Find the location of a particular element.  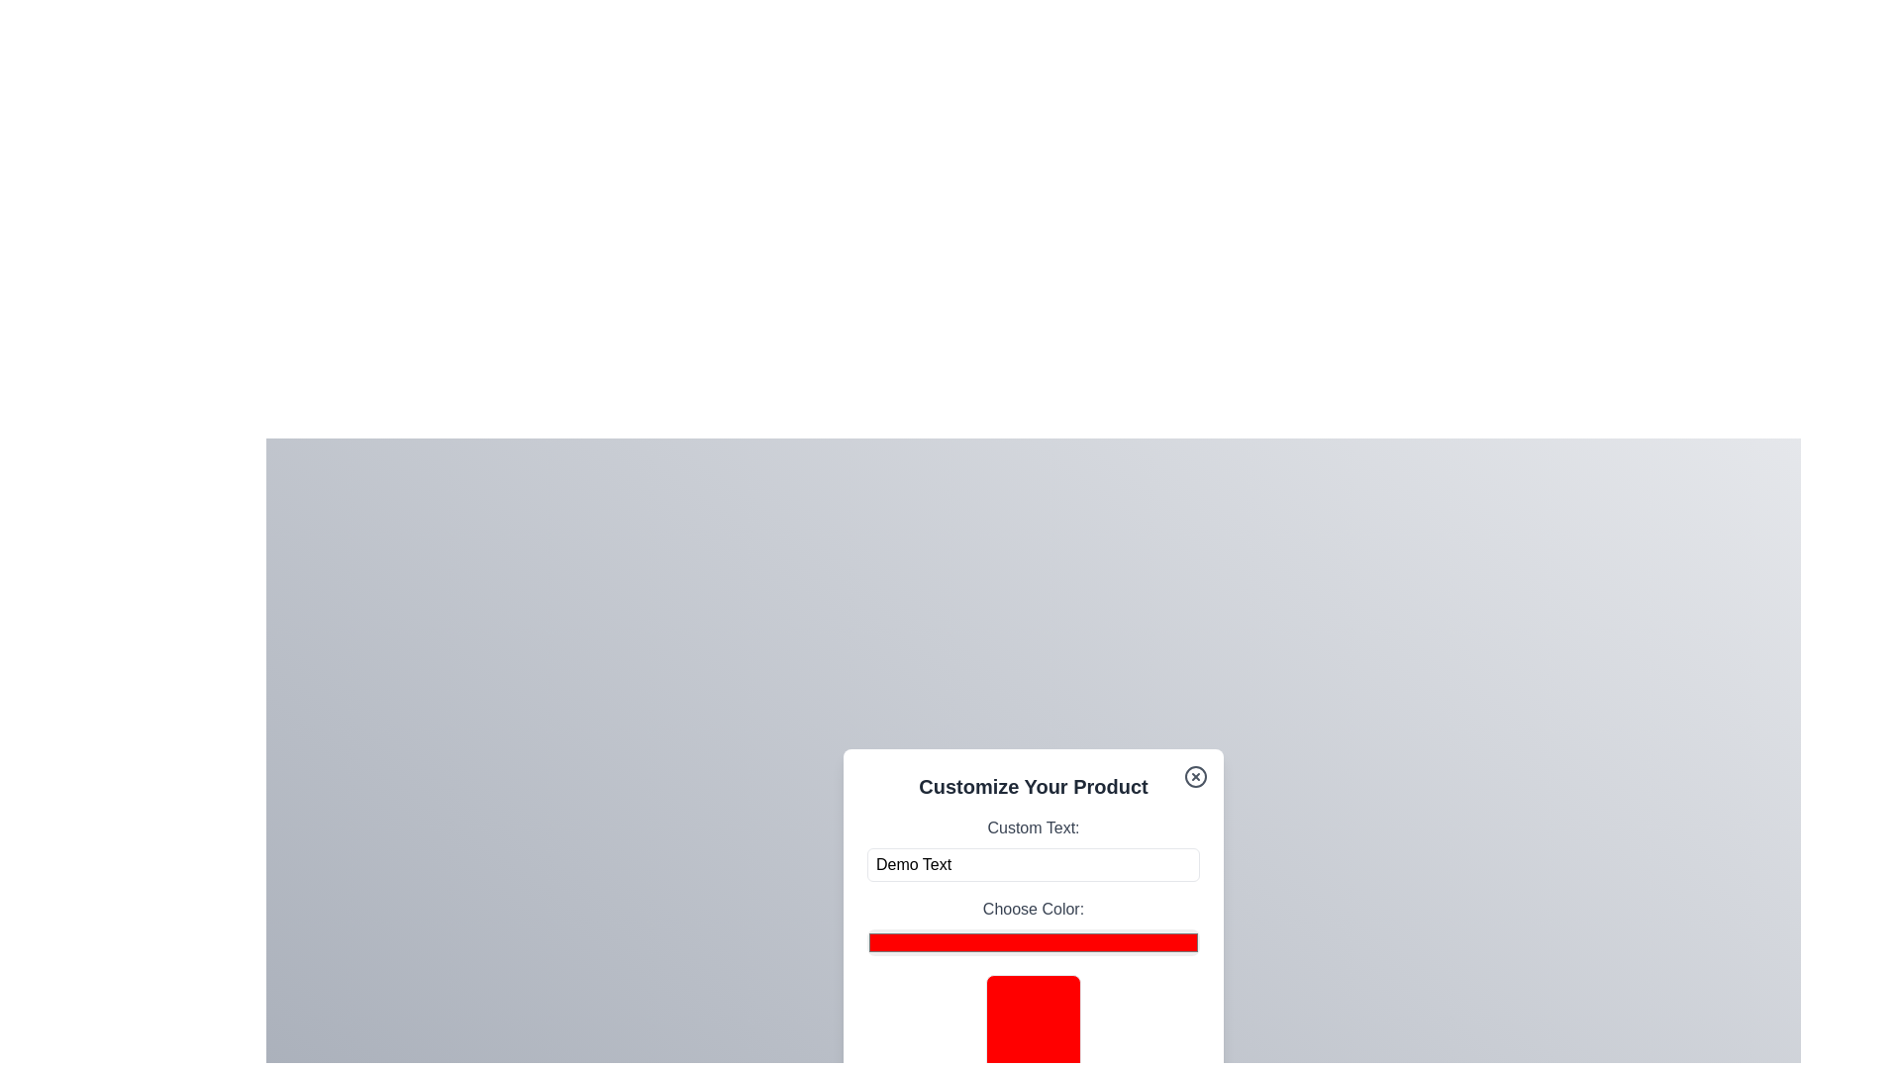

the custom text field to focus it is located at coordinates (1032, 864).